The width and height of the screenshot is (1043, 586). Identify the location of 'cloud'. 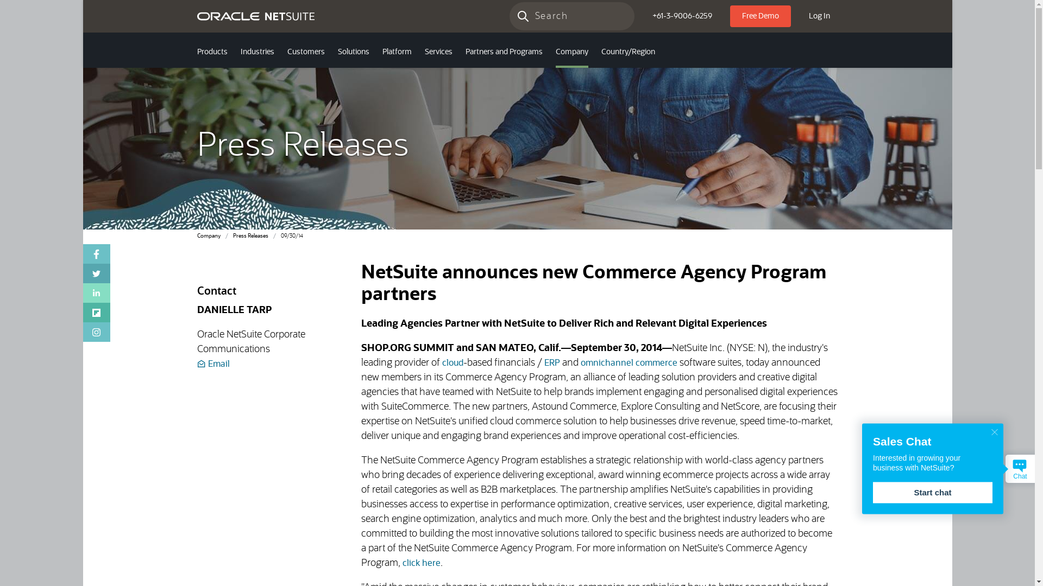
(453, 362).